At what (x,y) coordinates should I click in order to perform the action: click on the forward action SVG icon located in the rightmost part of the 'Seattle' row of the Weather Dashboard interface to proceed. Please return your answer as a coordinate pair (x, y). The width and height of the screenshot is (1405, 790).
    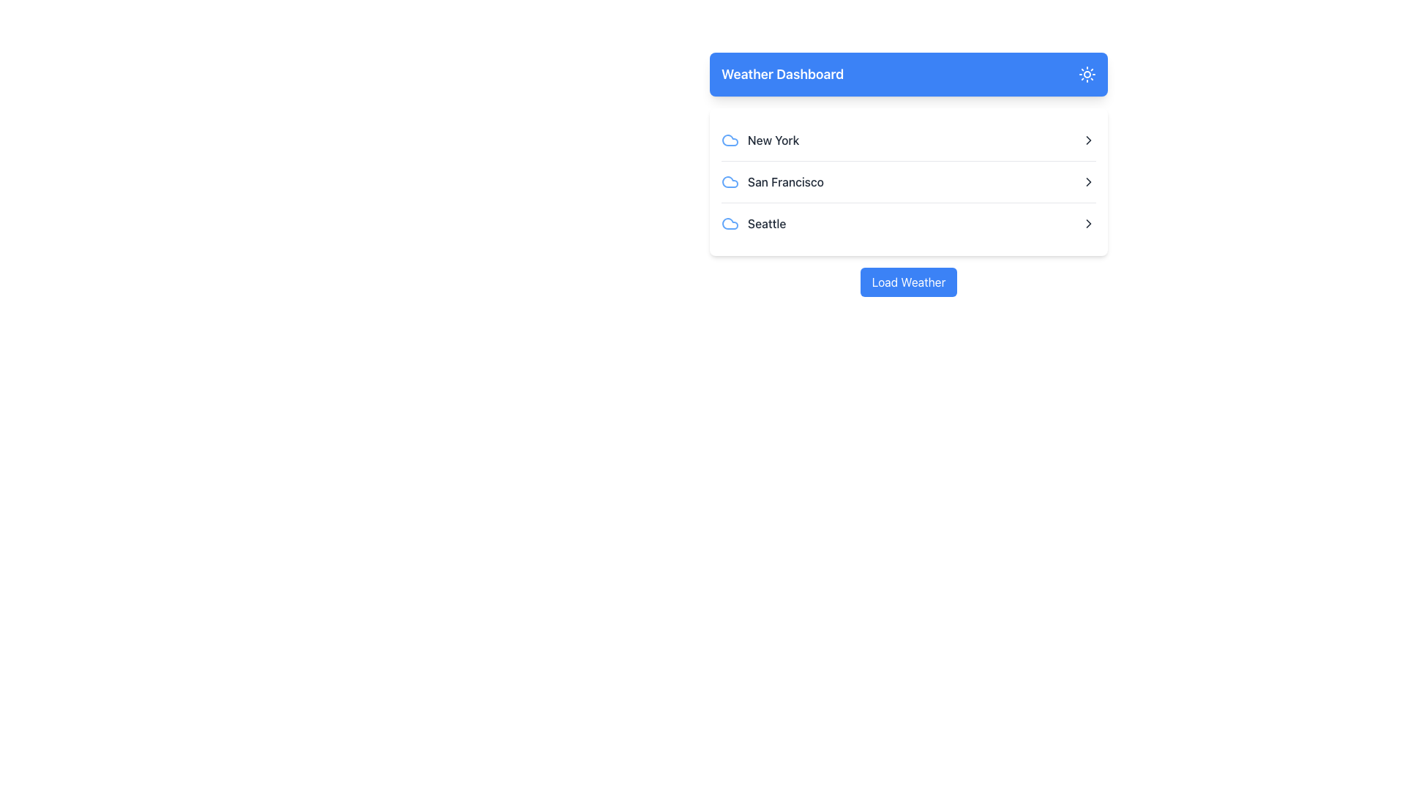
    Looking at the image, I should click on (1089, 223).